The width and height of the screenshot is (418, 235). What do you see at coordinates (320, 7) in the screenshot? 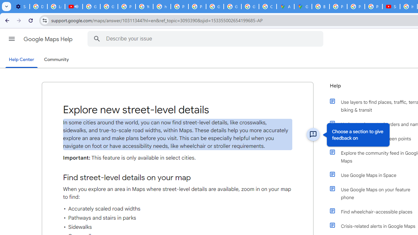
I see `'Blogger Policies and Guidelines - Transparency Center'` at bounding box center [320, 7].